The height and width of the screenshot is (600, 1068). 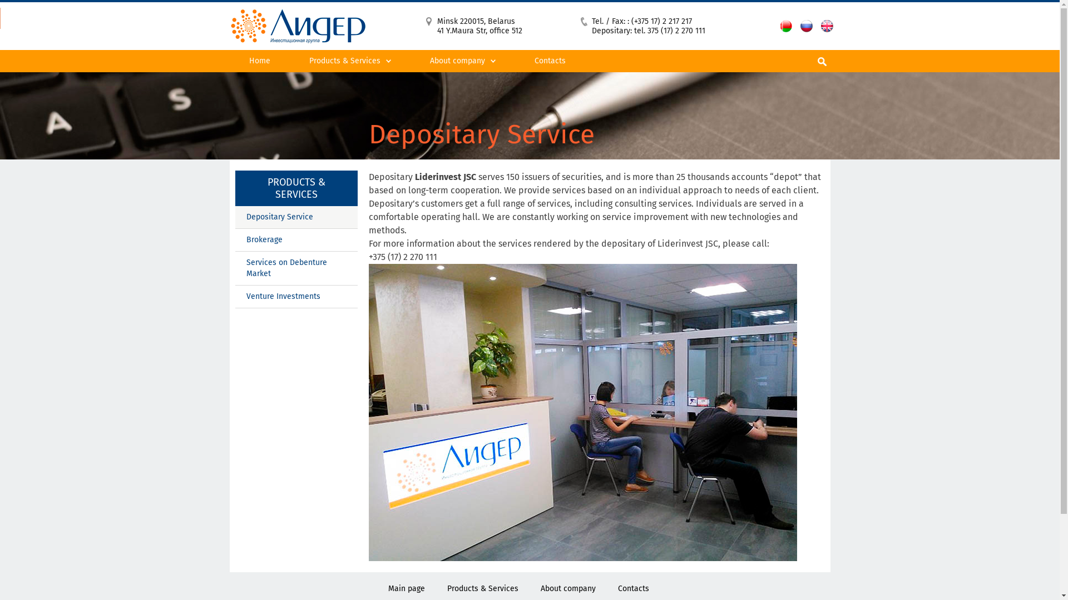 What do you see at coordinates (296, 268) in the screenshot?
I see `'Services on Debenture Market'` at bounding box center [296, 268].